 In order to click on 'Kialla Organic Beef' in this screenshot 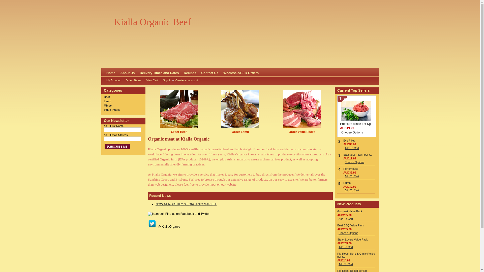, I will do `click(152, 22)`.